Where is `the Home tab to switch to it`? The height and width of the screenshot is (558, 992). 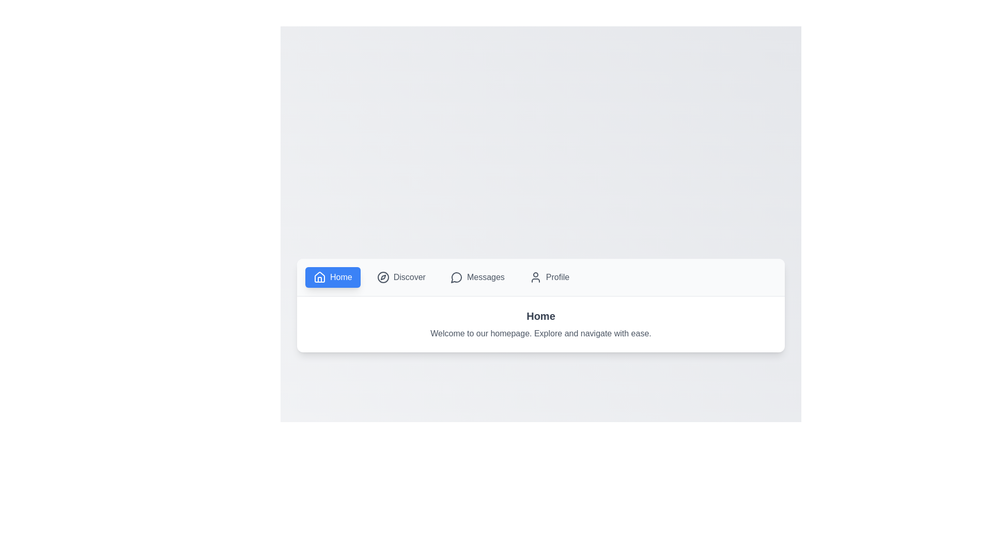
the Home tab to switch to it is located at coordinates (333, 276).